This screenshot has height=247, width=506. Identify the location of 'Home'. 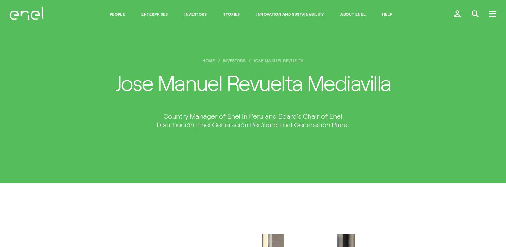
(202, 60).